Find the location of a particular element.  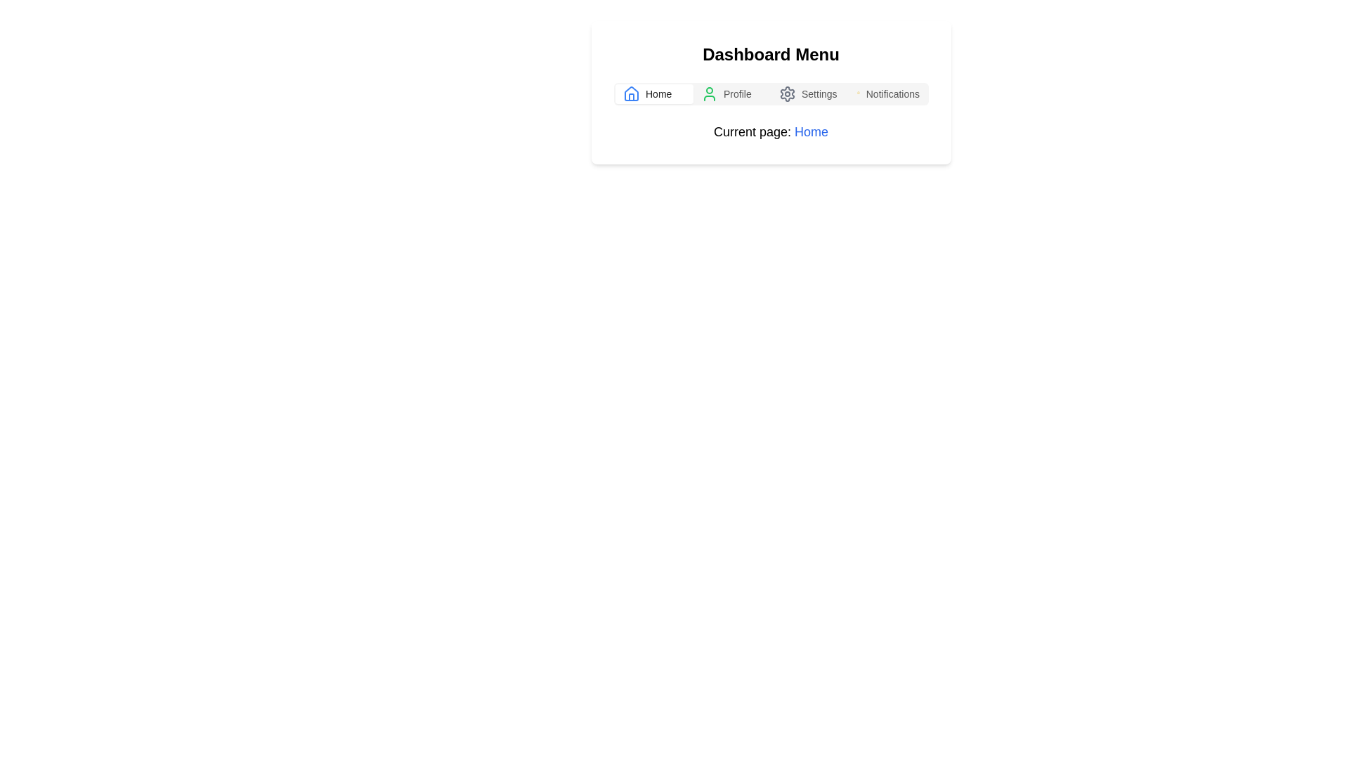

the segmented control is located at coordinates (770, 94).